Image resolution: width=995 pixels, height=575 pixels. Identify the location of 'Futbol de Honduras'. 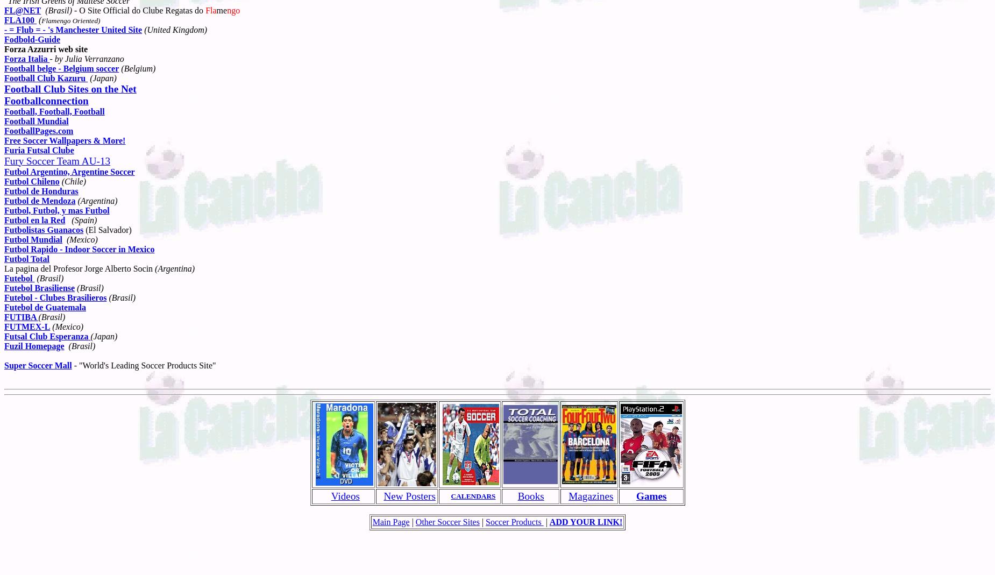
(40, 190).